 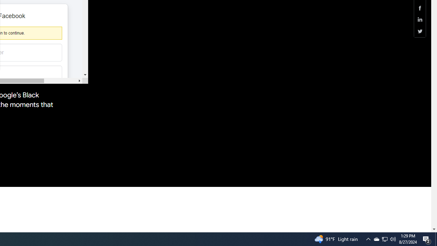 What do you see at coordinates (385, 238) in the screenshot?
I see `'User Promoted Notification Area'` at bounding box center [385, 238].